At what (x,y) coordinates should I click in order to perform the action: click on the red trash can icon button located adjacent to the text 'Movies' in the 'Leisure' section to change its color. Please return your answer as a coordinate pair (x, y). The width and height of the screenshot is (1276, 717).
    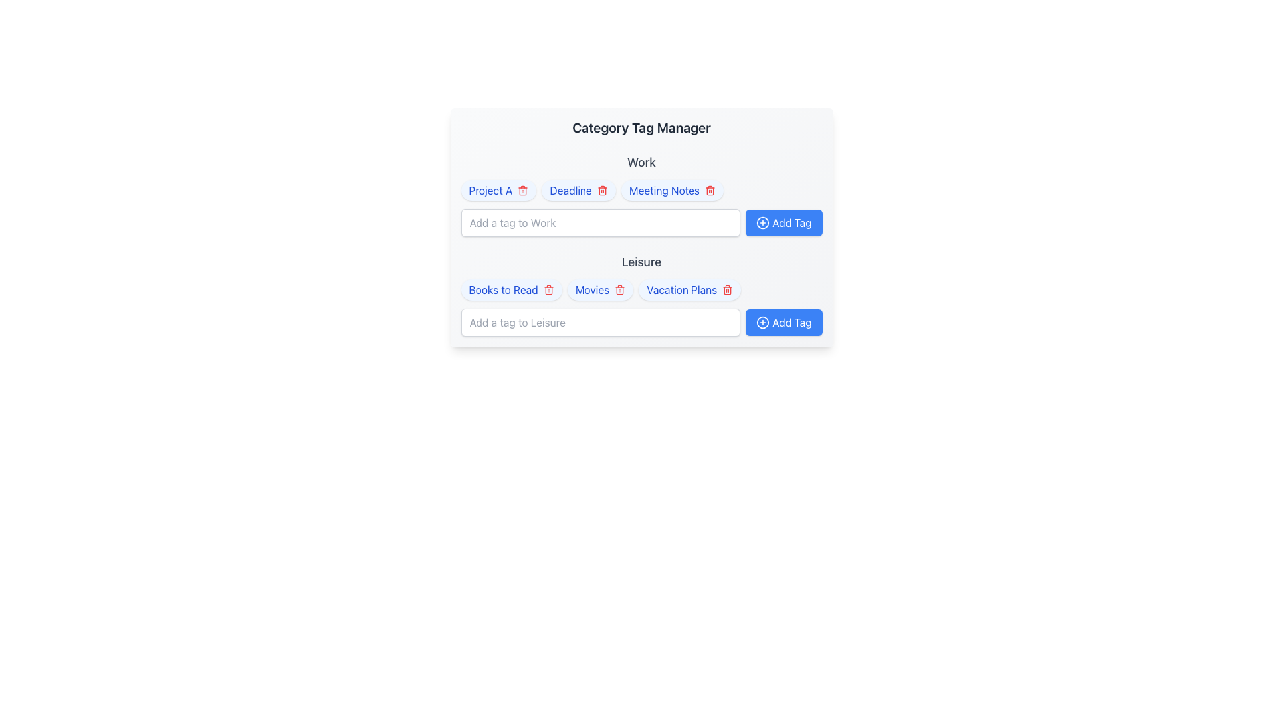
    Looking at the image, I should click on (619, 289).